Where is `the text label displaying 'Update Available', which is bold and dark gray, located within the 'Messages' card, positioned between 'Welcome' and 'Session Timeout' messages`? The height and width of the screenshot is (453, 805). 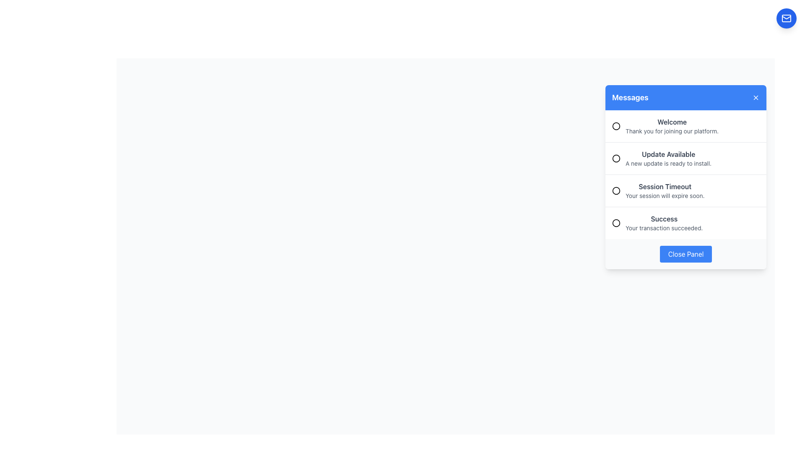 the text label displaying 'Update Available', which is bold and dark gray, located within the 'Messages' card, positioned between 'Welcome' and 'Session Timeout' messages is located at coordinates (668, 154).